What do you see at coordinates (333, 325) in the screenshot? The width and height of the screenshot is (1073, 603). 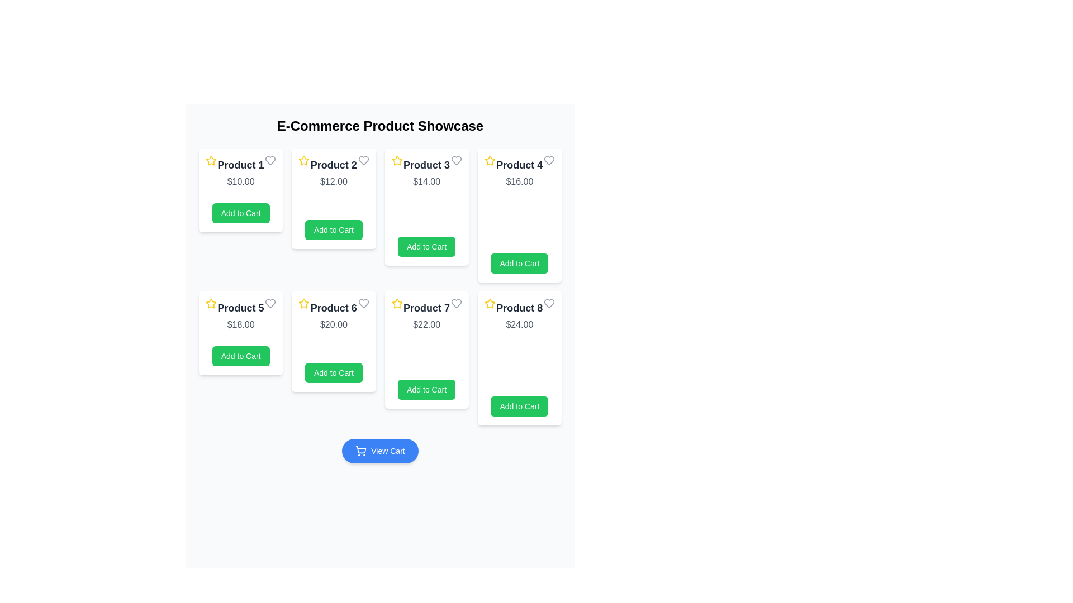 I see `text label displaying '$20.00' located at the bottom-center of the card for Product 6, positioned between the product name and the 'Add to Cart' button` at bounding box center [333, 325].